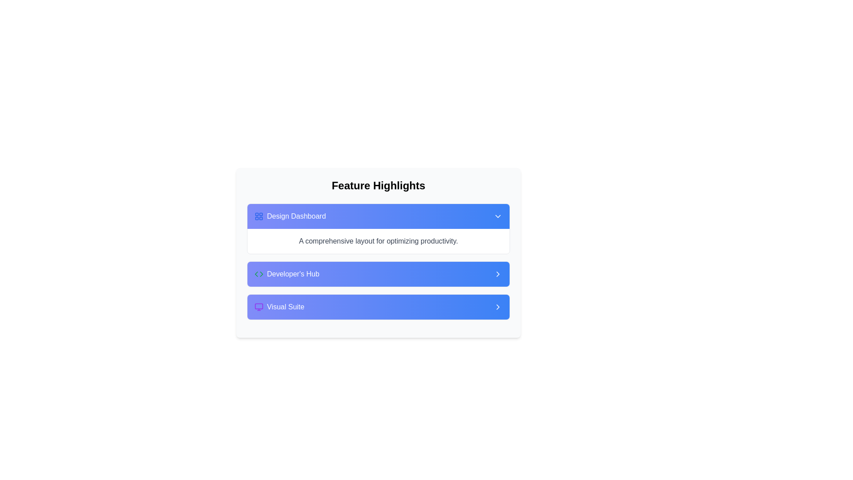  Describe the element at coordinates (498, 274) in the screenshot. I see `the chevron arrow icon located at the right end of the 'Developer's Hub' row` at that location.